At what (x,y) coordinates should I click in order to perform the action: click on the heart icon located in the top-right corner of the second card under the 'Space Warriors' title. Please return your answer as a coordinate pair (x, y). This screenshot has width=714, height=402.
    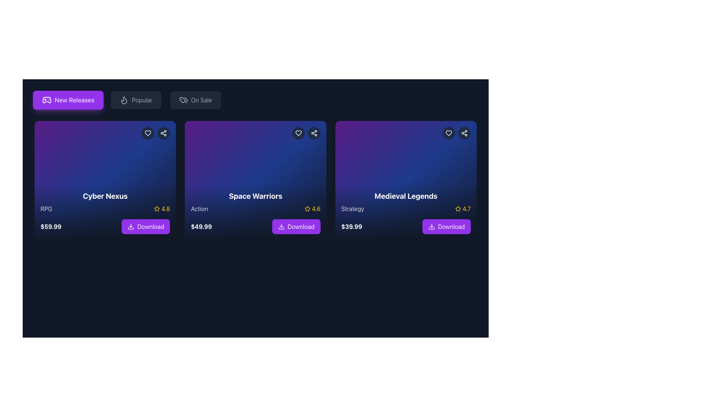
    Looking at the image, I should click on (298, 133).